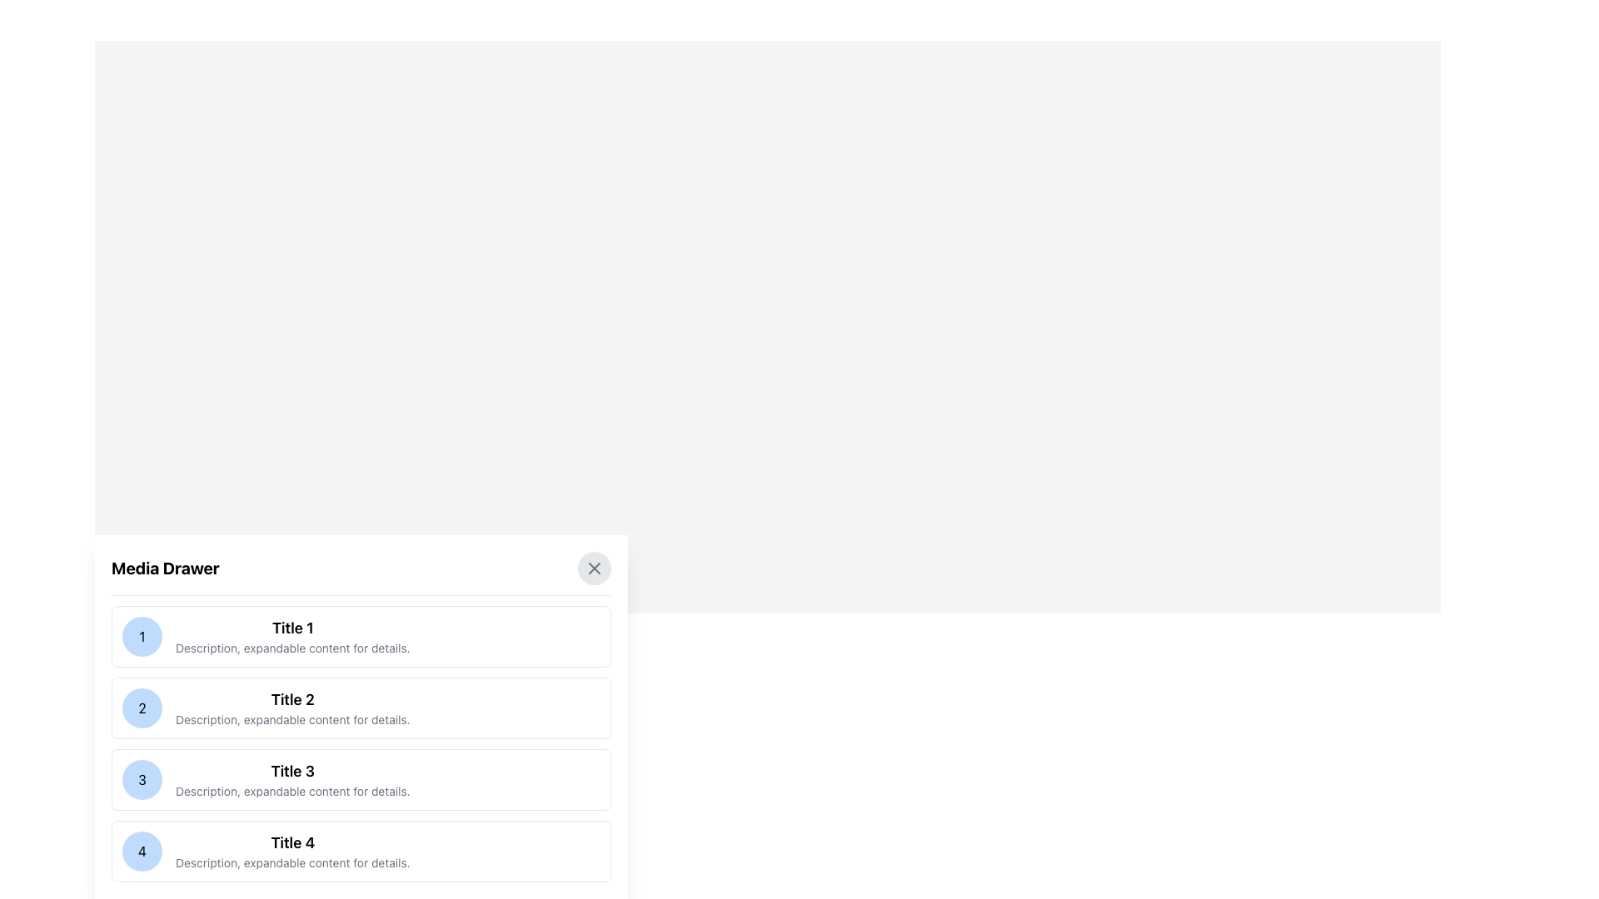  What do you see at coordinates (595, 567) in the screenshot?
I see `the 'X' icon button located in the top-right corner of the 'Media Drawer' panel to trigger hover effects` at bounding box center [595, 567].